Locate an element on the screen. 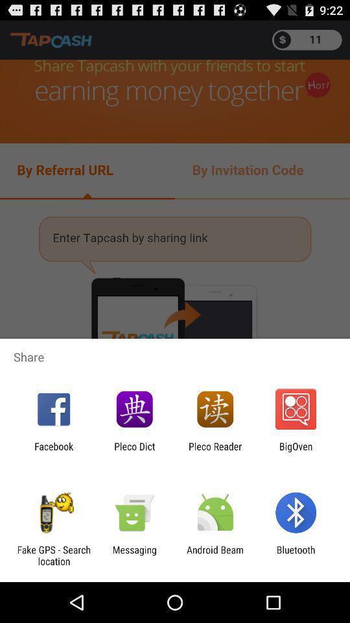 The image size is (350, 623). the app to the right of the messaging app is located at coordinates (215, 555).